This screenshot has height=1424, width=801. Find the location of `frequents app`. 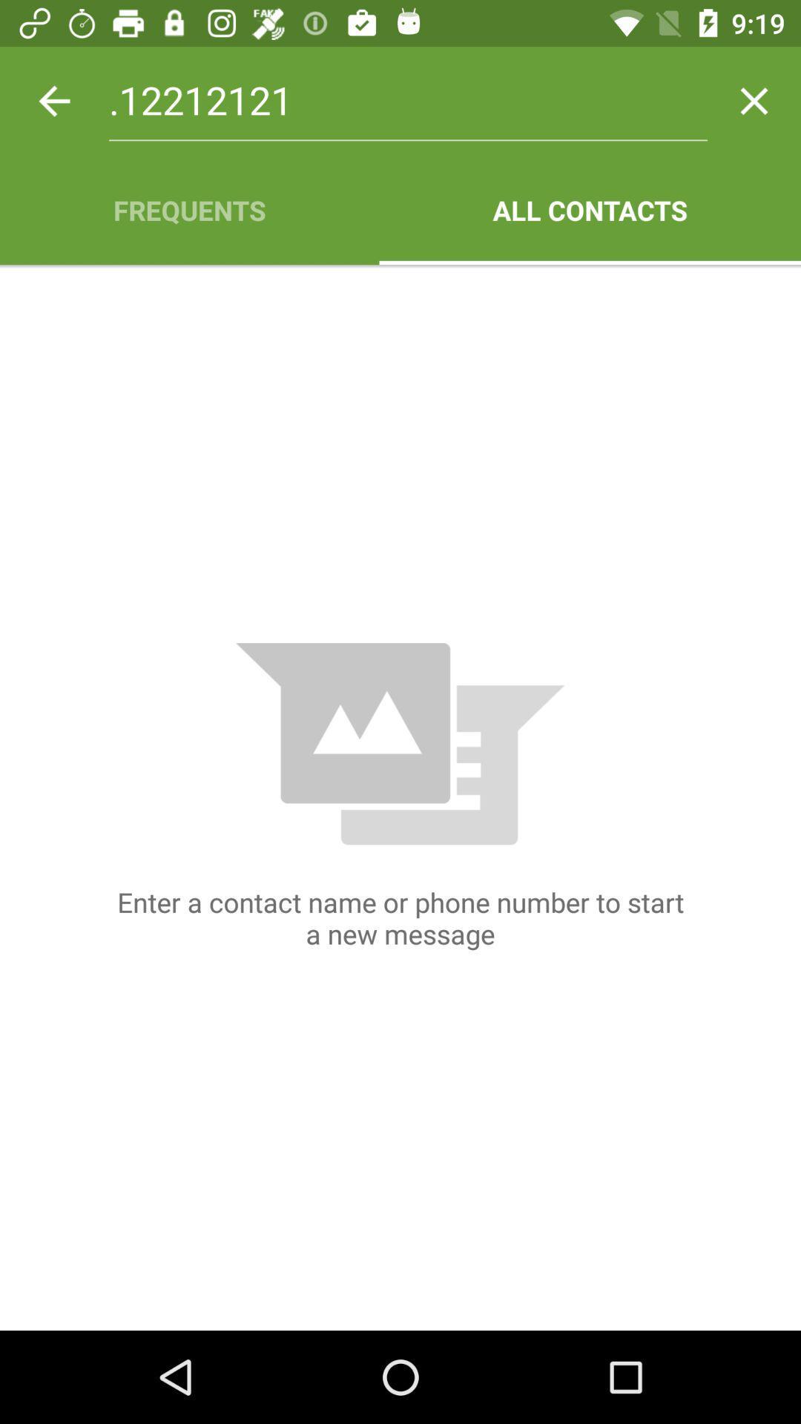

frequents app is located at coordinates (188, 209).